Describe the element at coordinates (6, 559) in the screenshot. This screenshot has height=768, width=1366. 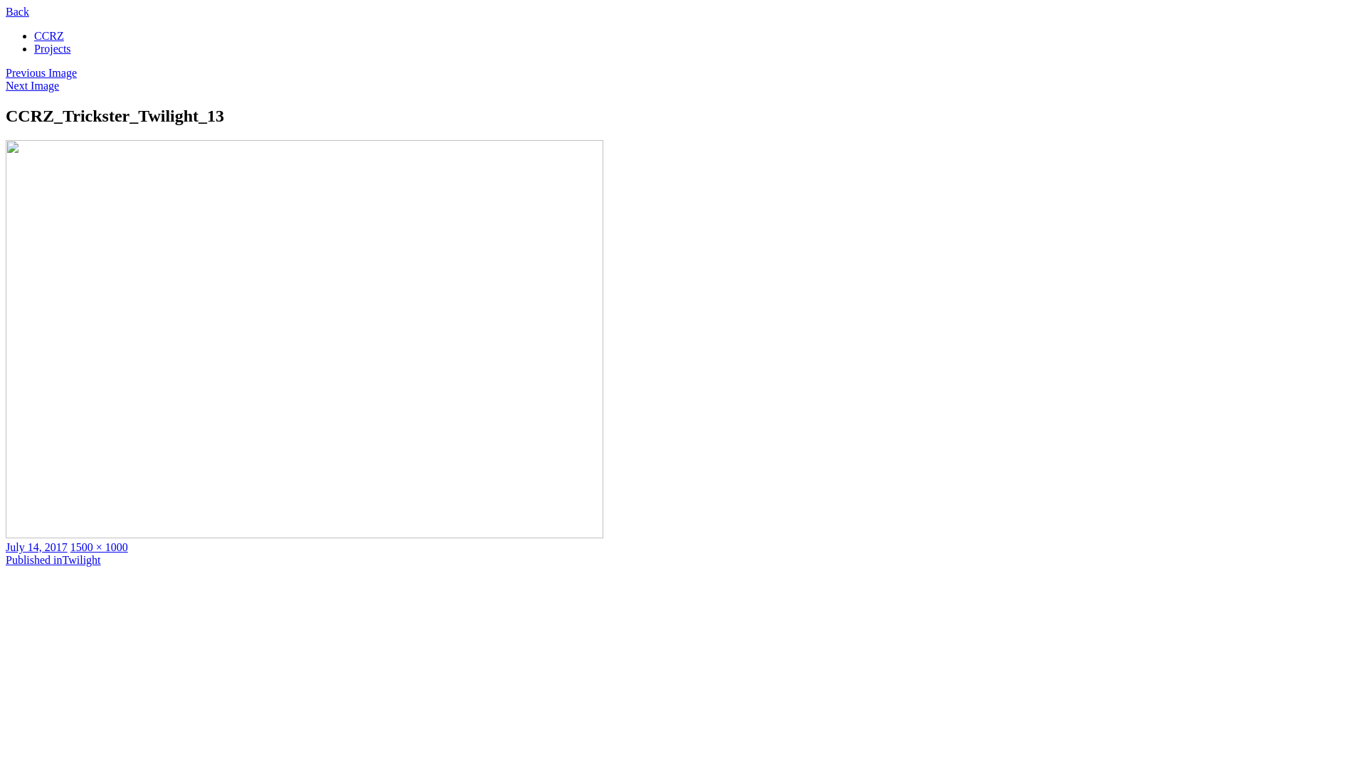
I see `'Published inTwilight'` at that location.